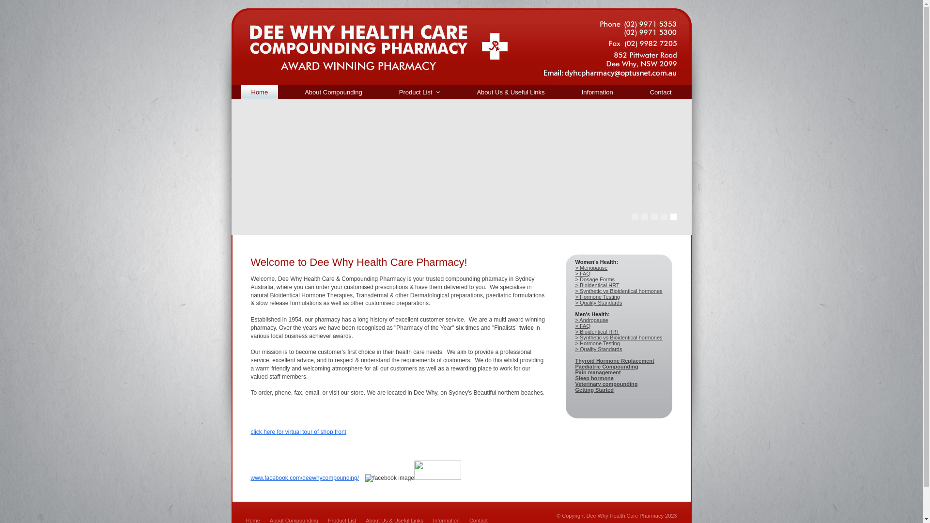  What do you see at coordinates (575, 325) in the screenshot?
I see `'> FAQ'` at bounding box center [575, 325].